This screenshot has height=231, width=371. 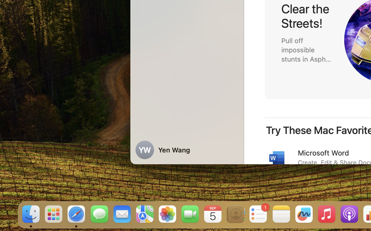 I want to click on 'Clear the Streets!', so click(x=307, y=16).